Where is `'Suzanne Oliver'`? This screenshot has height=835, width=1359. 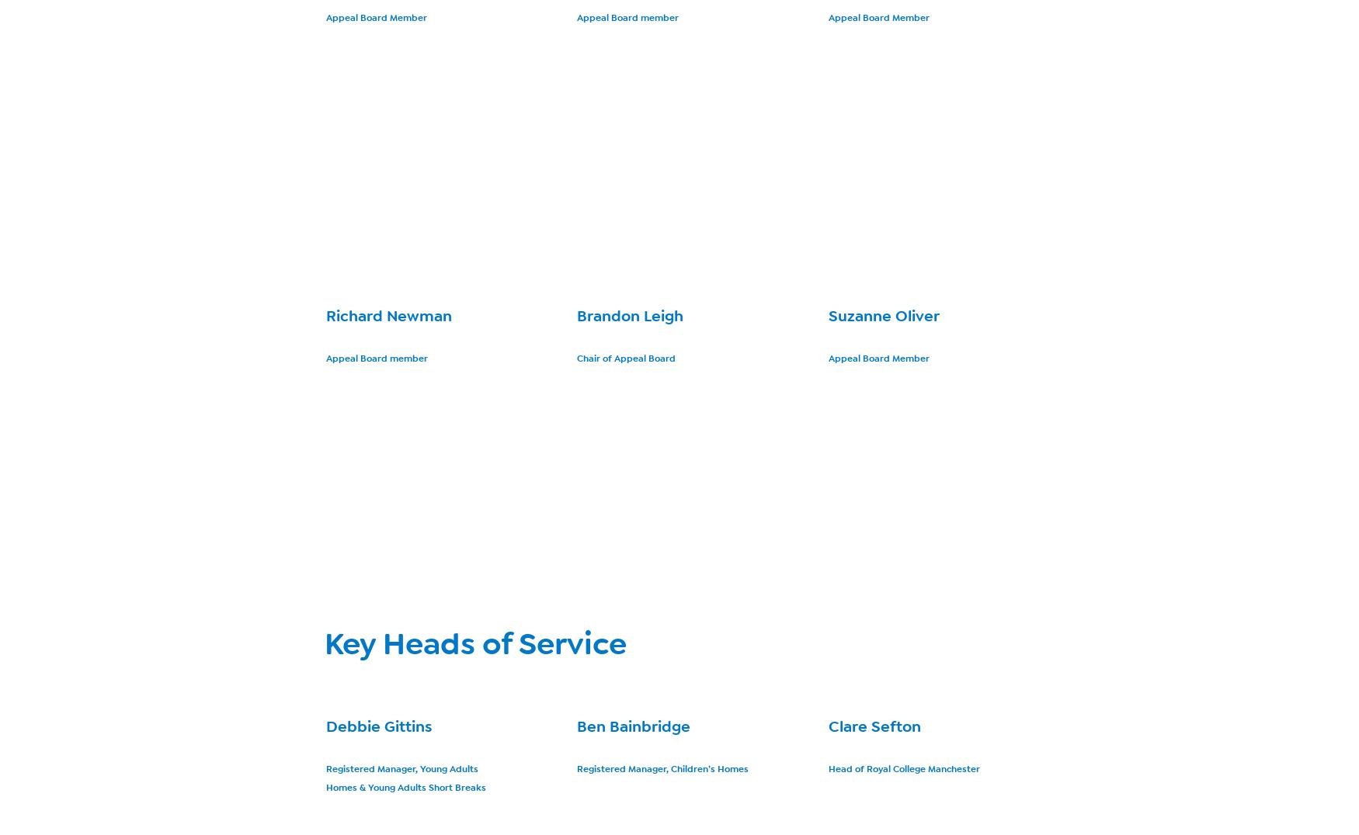 'Suzanne Oliver' is located at coordinates (882, 316).